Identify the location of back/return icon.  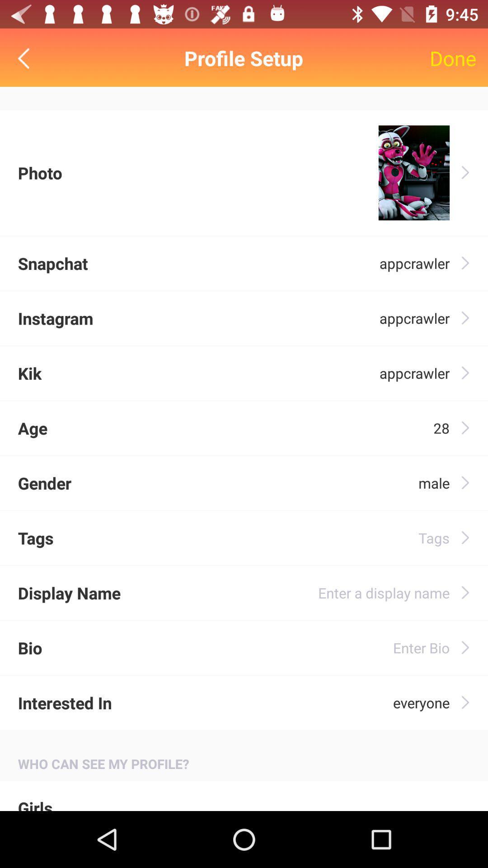
(25, 58).